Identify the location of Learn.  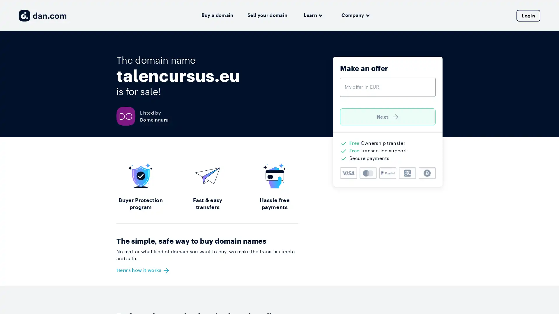
(313, 15).